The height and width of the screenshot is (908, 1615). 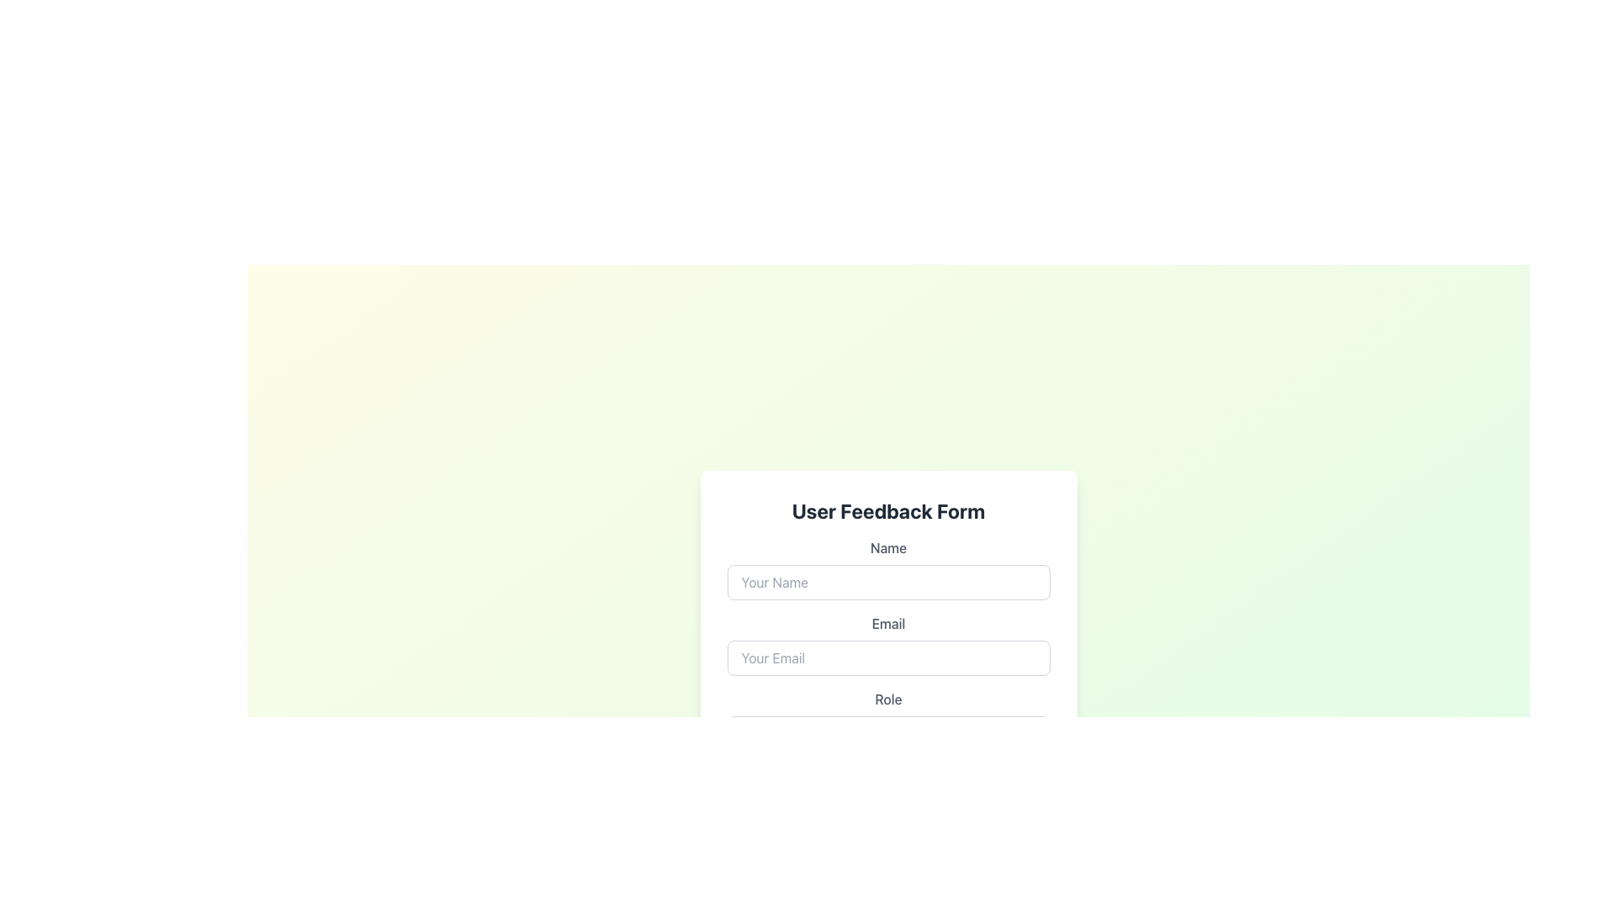 I want to click on the 'Role' dropdown menu, so click(x=887, y=719).